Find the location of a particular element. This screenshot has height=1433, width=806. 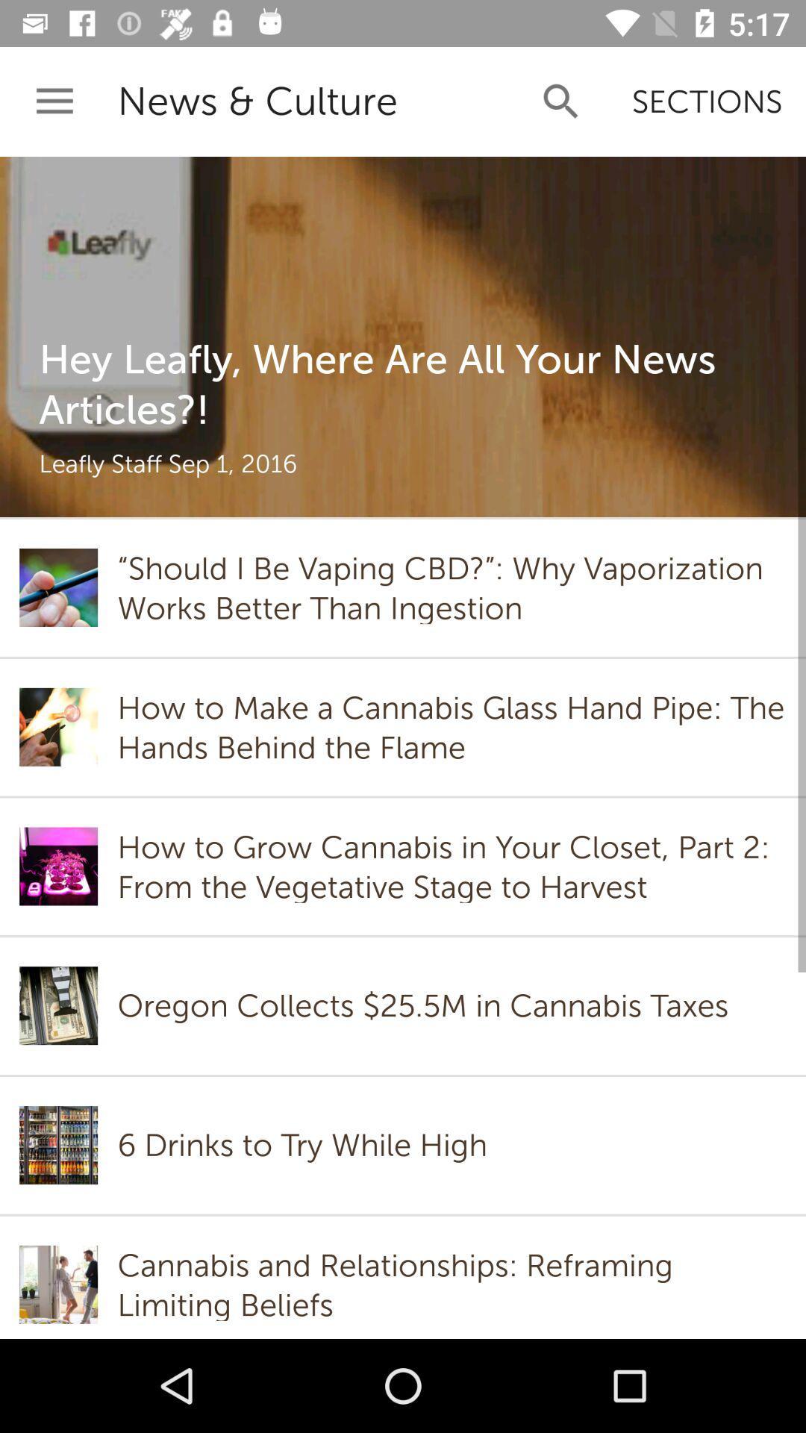

sections is located at coordinates (706, 101).